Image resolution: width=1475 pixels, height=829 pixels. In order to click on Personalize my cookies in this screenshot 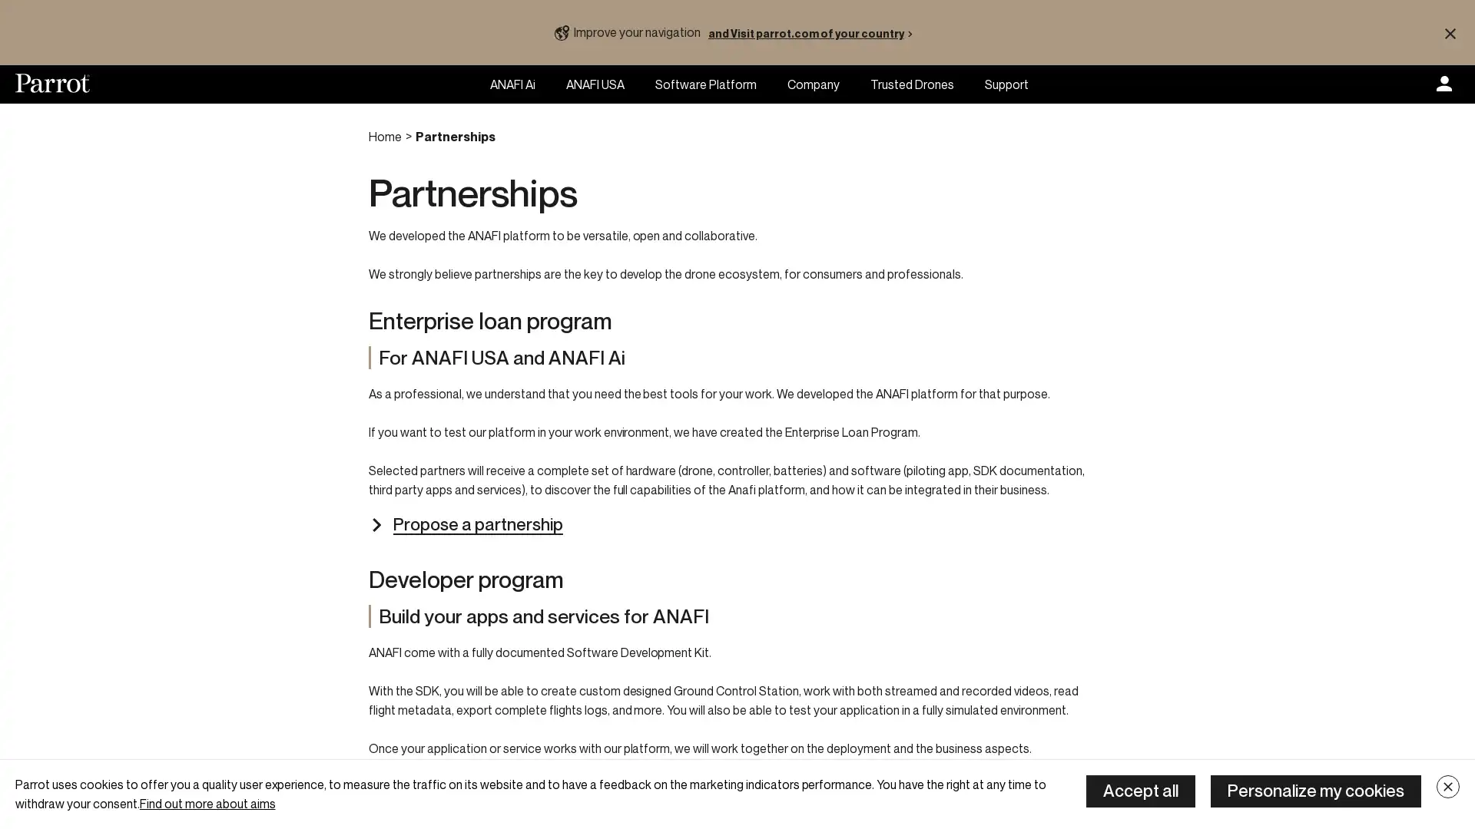, I will do `click(1315, 791)`.